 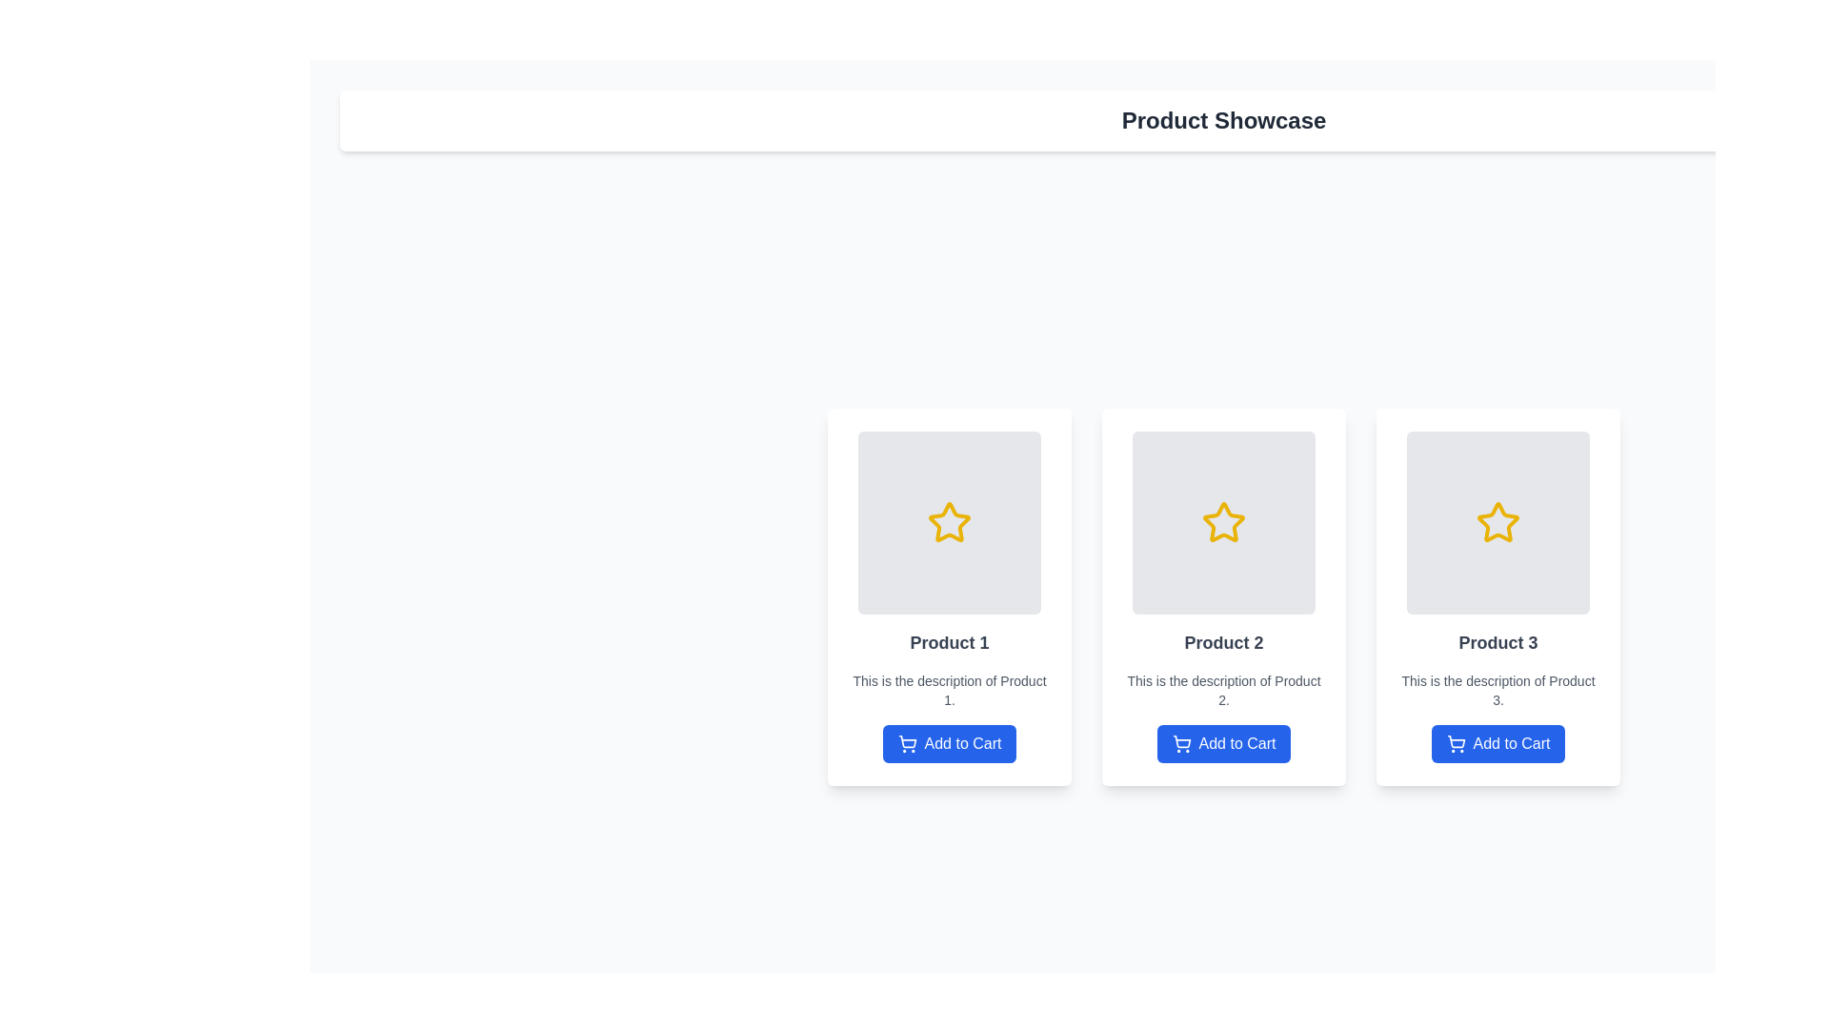 I want to click on textual description 'This is the description of Product 2.' located below the title 'Product 2' in the second card of the product layout, so click(x=1224, y=691).